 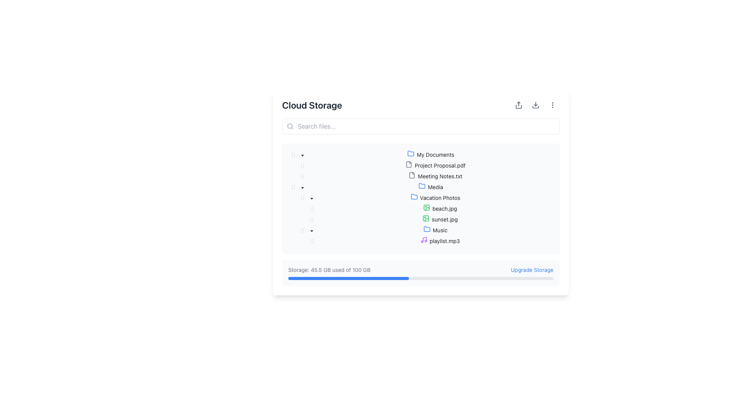 I want to click on the upward-pointing arrow icon button located at the top-right corner of the interface, so click(x=518, y=105).